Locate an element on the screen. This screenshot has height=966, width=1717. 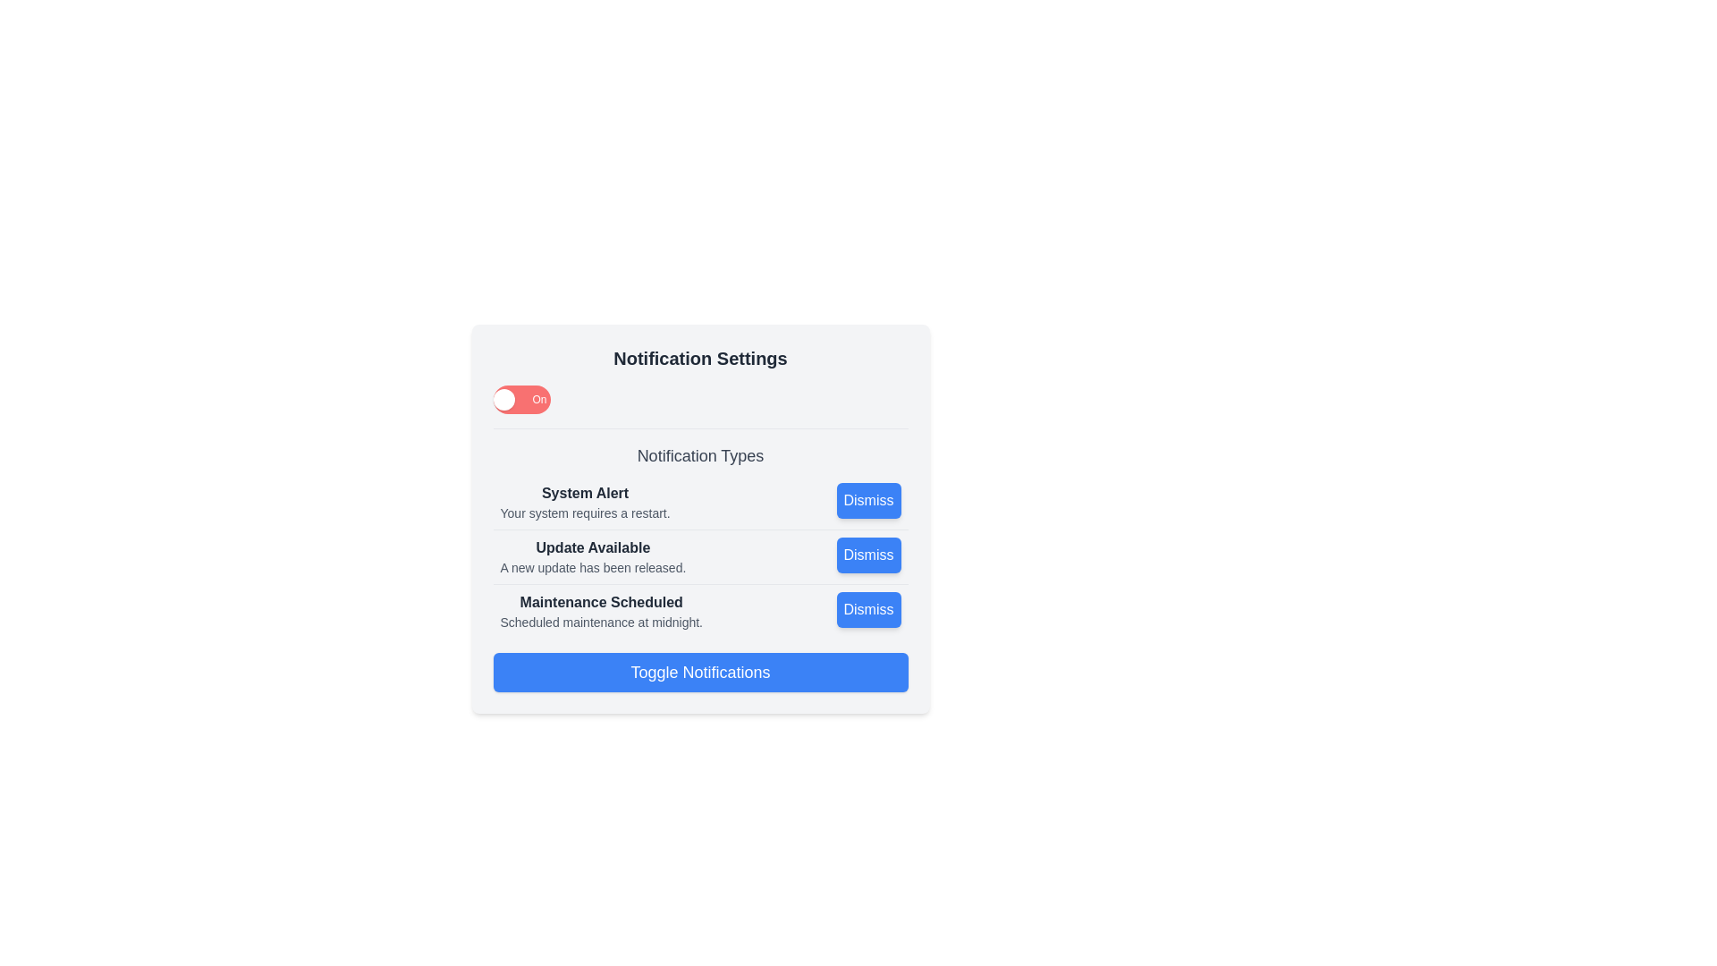
informational text label located below the 'Maintenance Scheduled' notification in the notification panel is located at coordinates (601, 621).